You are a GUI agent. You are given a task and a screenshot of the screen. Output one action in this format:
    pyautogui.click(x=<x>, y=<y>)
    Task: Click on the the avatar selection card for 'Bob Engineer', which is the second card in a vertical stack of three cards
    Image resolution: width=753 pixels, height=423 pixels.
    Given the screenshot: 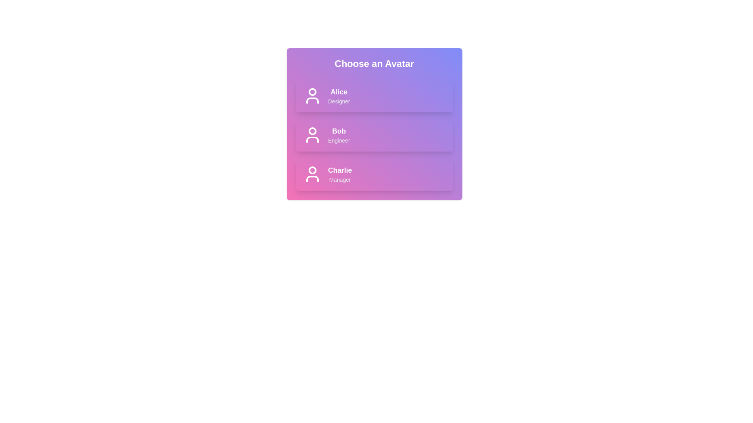 What is the action you would take?
    pyautogui.click(x=374, y=123)
    